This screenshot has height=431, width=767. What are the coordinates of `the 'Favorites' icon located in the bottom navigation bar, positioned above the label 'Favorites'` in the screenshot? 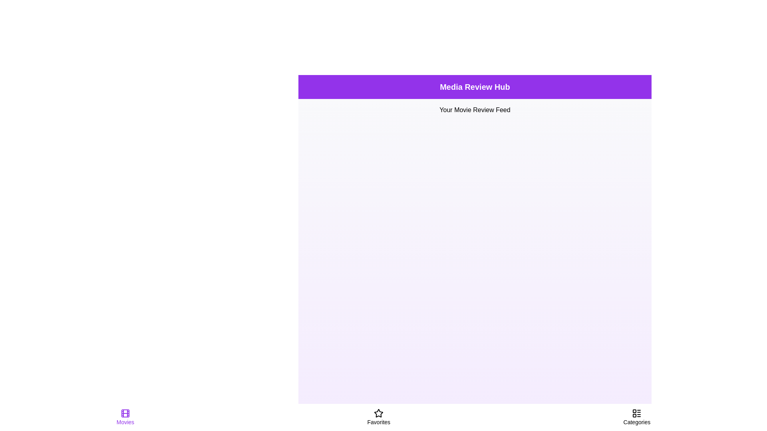 It's located at (378, 413).